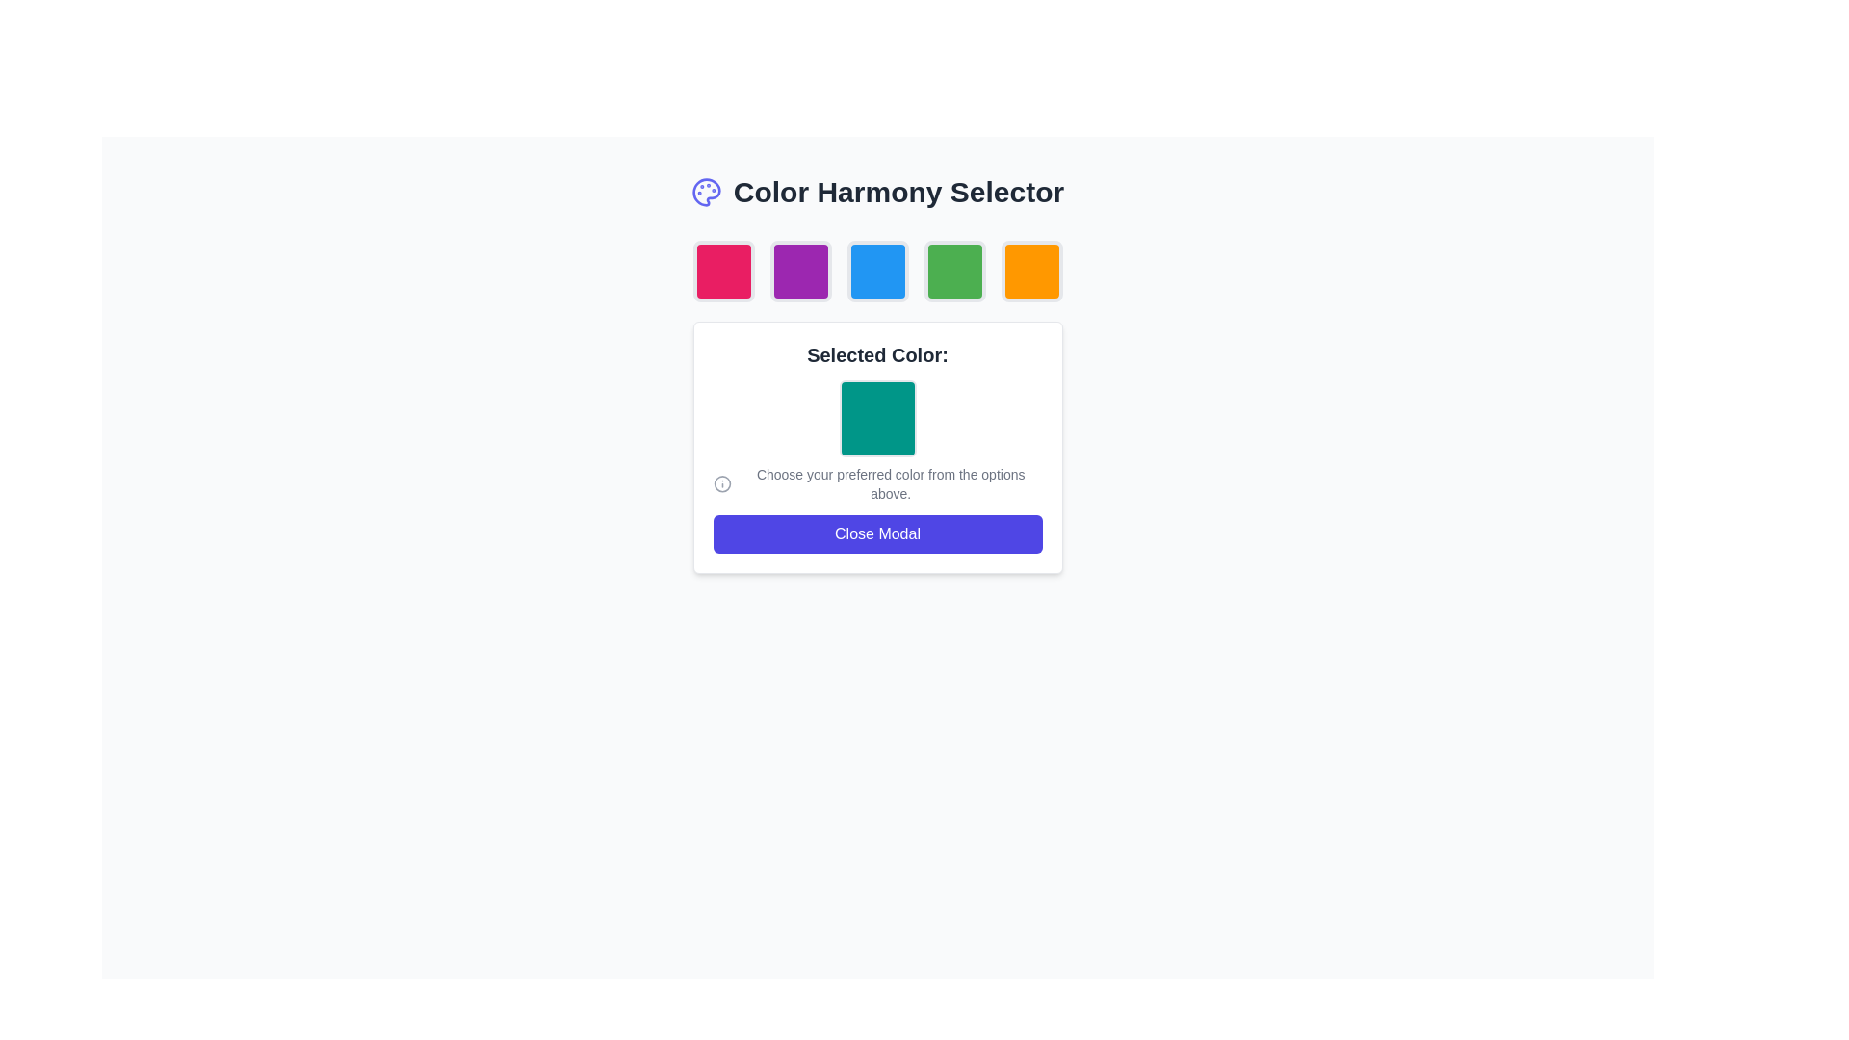 The width and height of the screenshot is (1849, 1040). I want to click on the orange color selector button located as the fifth item in a horizontal grid of five buttons, which updates the 'Selected Color' box below, so click(1030, 271).